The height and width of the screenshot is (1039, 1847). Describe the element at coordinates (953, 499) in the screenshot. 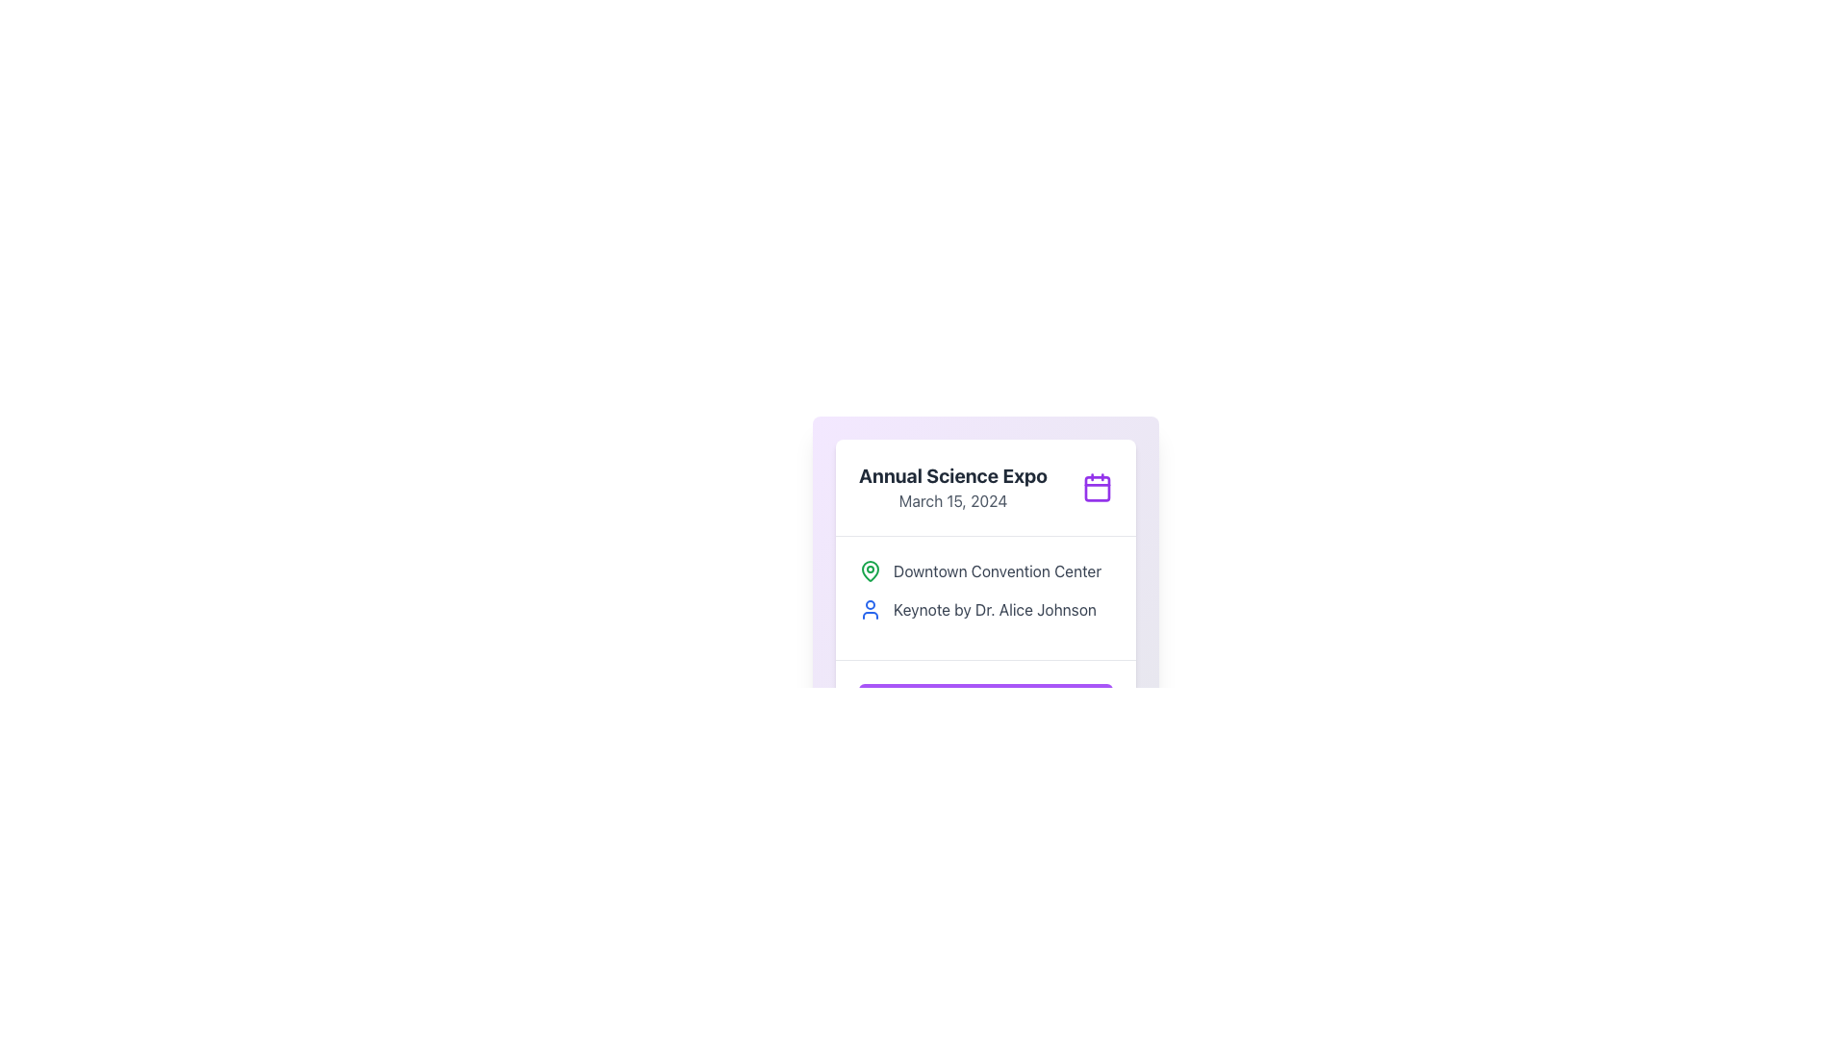

I see `the plain text label displaying the date 'March 15, 2024' of the 'Annual Science Expo' event, located below the heading in the event information card` at that location.